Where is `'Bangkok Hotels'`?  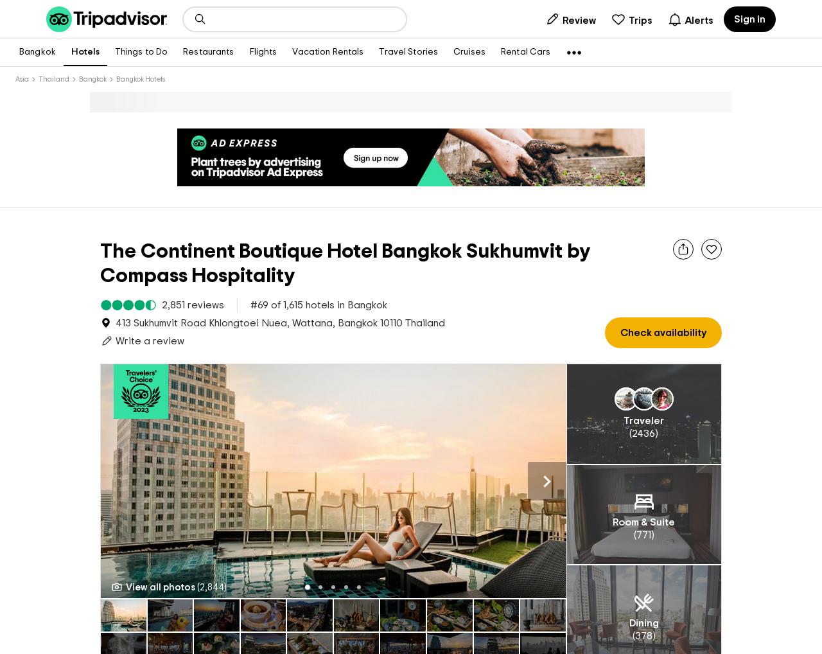
'Bangkok Hotels' is located at coordinates (141, 78).